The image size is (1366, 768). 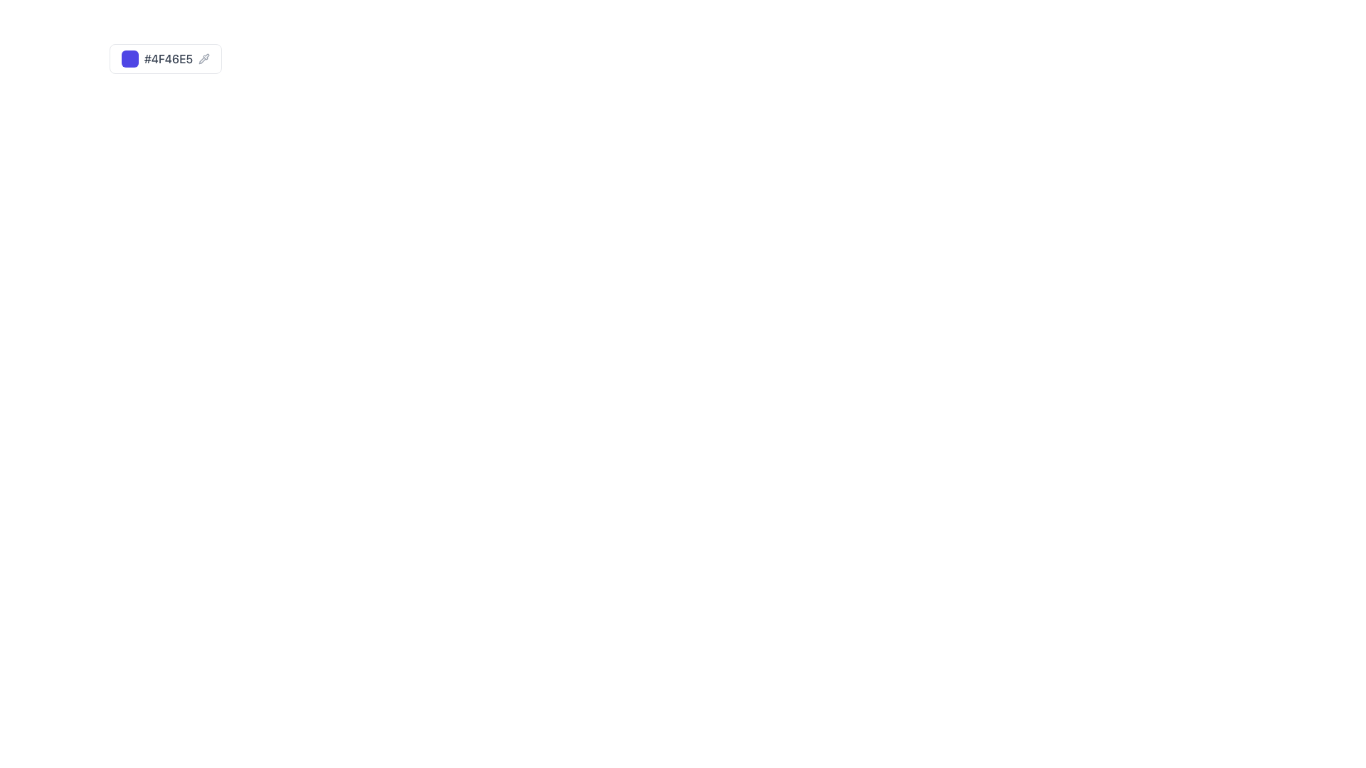 I want to click on the rectangular button labeled '#4F46E5' with a colored square on the left and a pipette icon on the right to interact, so click(x=166, y=58).